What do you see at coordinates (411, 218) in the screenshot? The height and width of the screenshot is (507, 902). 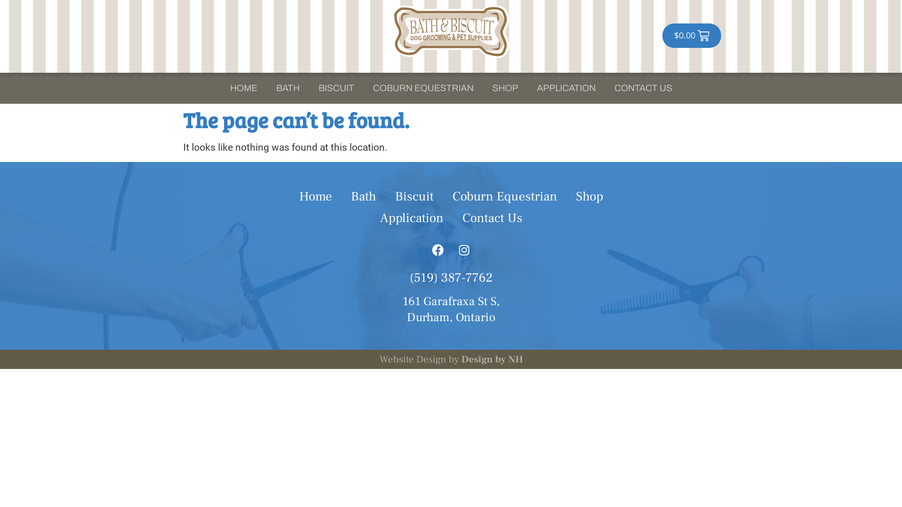 I see `'Application'` at bounding box center [411, 218].